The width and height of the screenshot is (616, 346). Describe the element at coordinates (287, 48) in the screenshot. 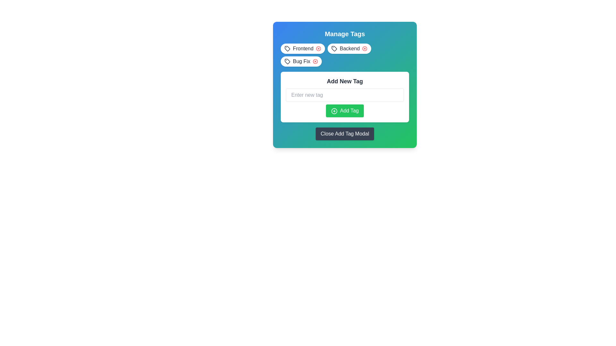

I see `the tag-shaped icon located to the left of the text 'Frontend' in the top left section of the modal window` at that location.